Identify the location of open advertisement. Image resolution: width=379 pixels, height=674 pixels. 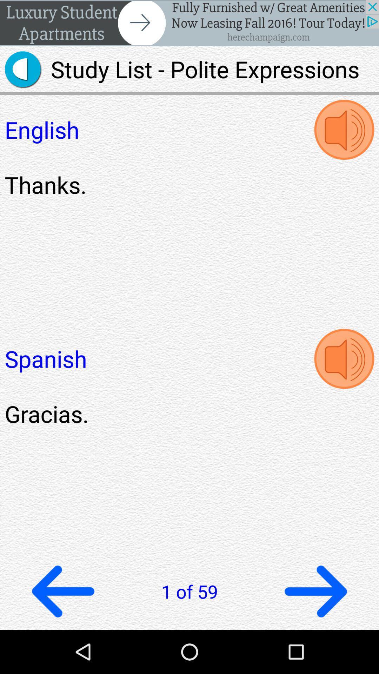
(189, 23).